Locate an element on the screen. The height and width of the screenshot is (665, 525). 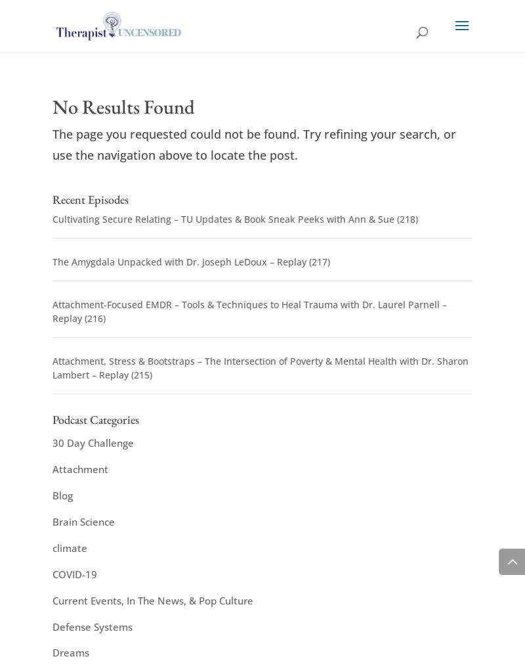
'Cultivating Secure Relating – TU Updates & Book Sneak Peeks with Ann & Sue (218)' is located at coordinates (235, 218).